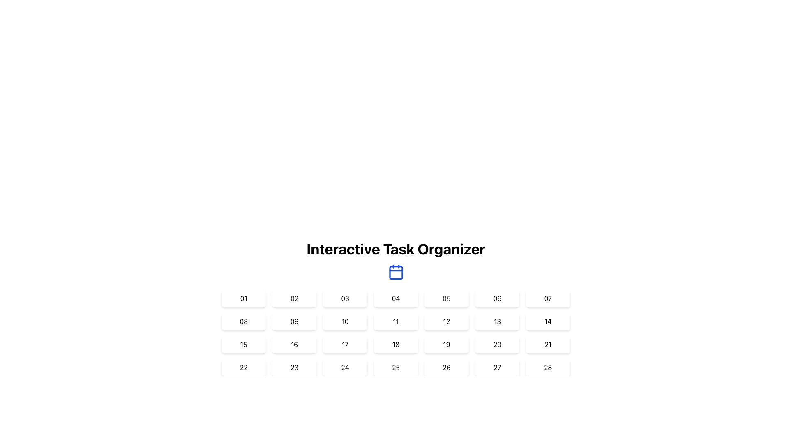 The height and width of the screenshot is (444, 789). Describe the element at coordinates (396, 367) in the screenshot. I see `the rounded square button labeled '25'` at that location.